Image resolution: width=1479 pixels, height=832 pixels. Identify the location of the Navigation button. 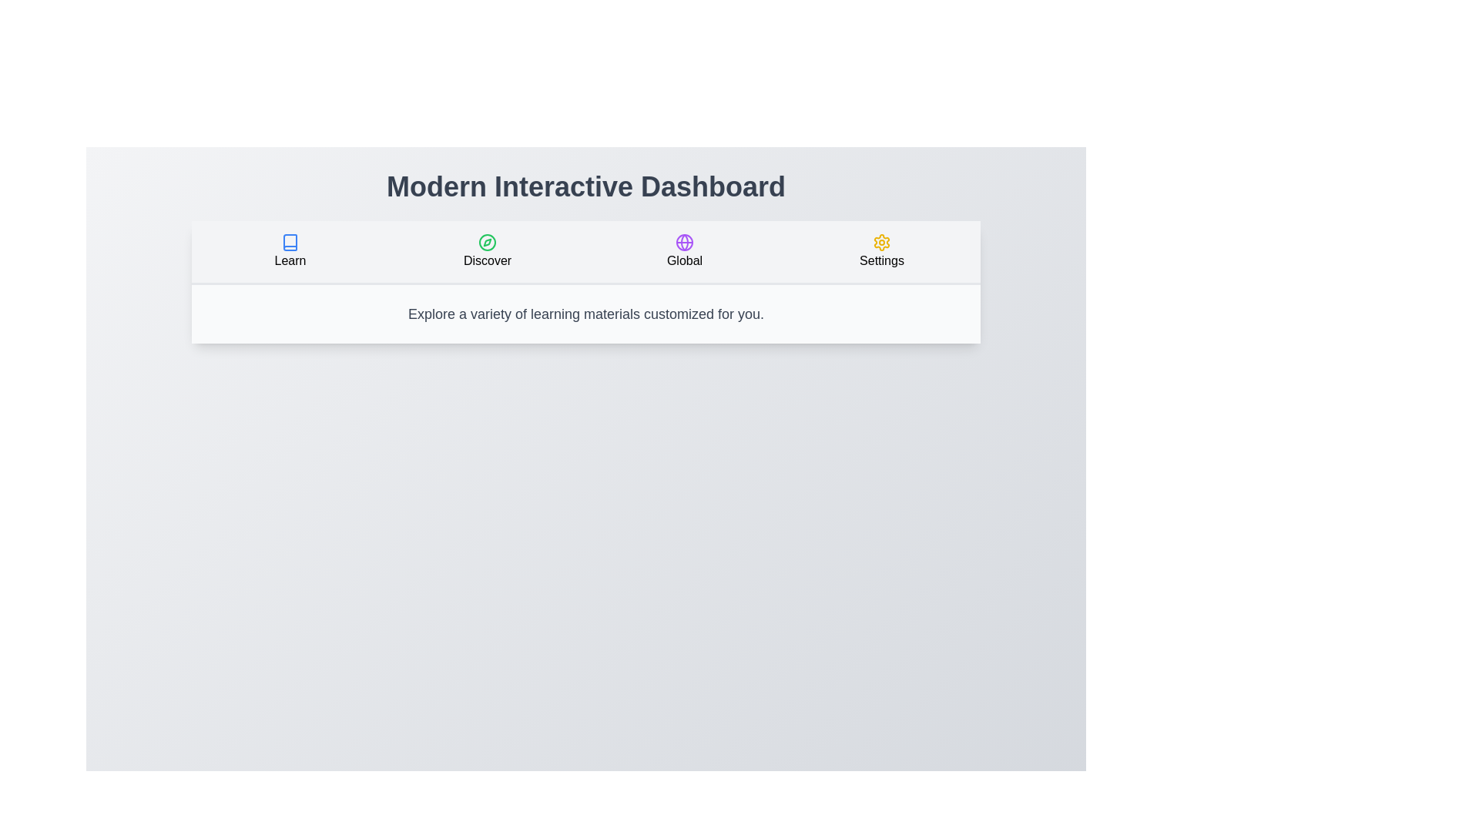
(487, 251).